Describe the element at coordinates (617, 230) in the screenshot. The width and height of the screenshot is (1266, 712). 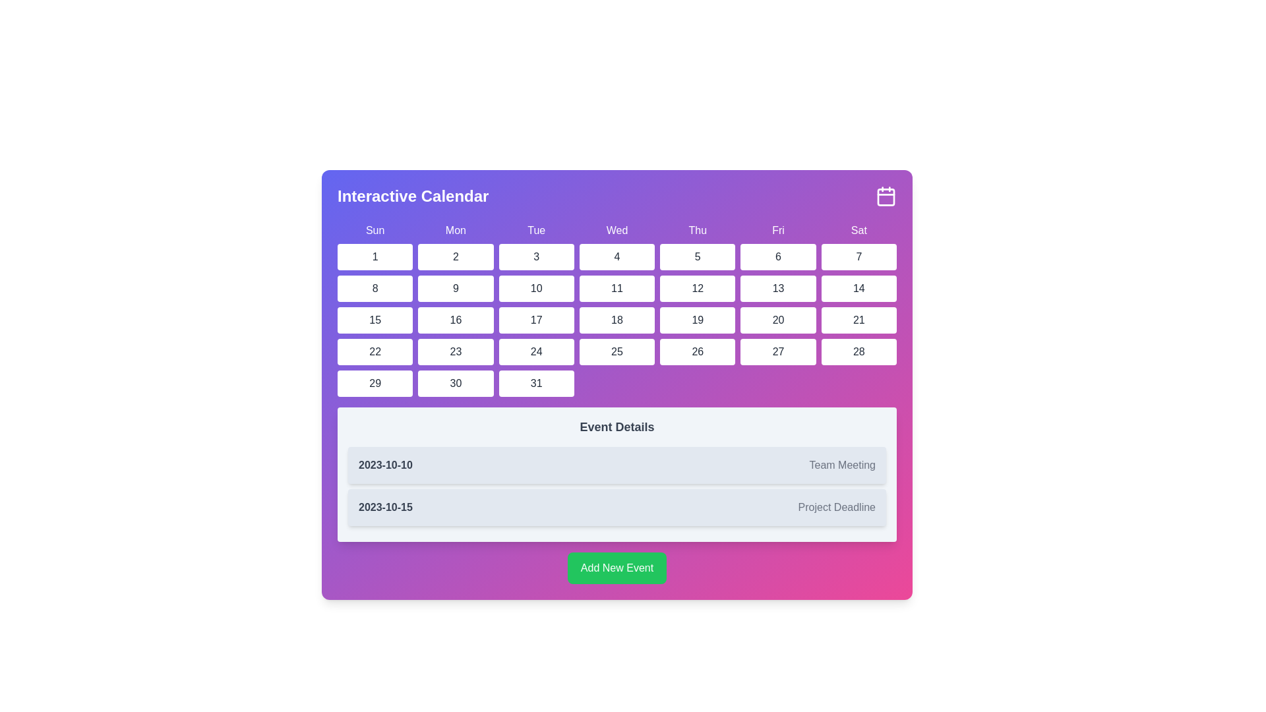
I see `the text label representing 'Wed', which is located in the middle of the topmost row of the calendar interface, between 'Tue' and 'Thu'` at that location.